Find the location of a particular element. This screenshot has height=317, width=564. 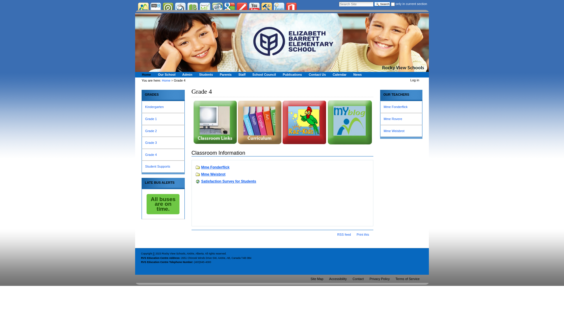

'TP-curriculum' is located at coordinates (259, 122).